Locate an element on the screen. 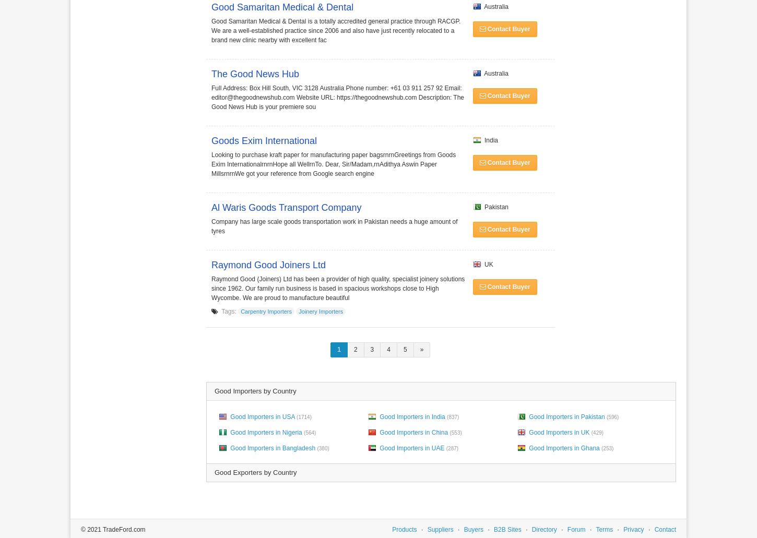 The height and width of the screenshot is (538, 757). 'Raymond Good Joiners Ltd' is located at coordinates (210, 265).